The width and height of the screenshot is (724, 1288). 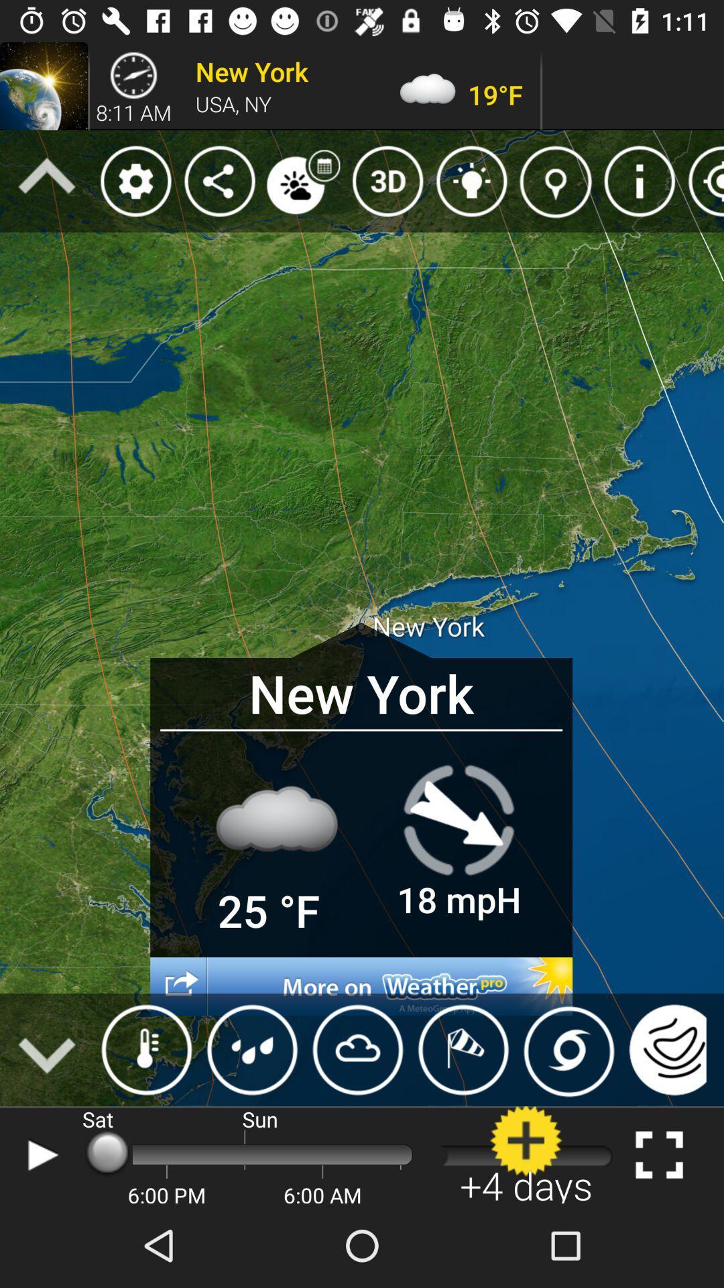 What do you see at coordinates (361, 986) in the screenshot?
I see `the button with text more on weatherpro` at bounding box center [361, 986].